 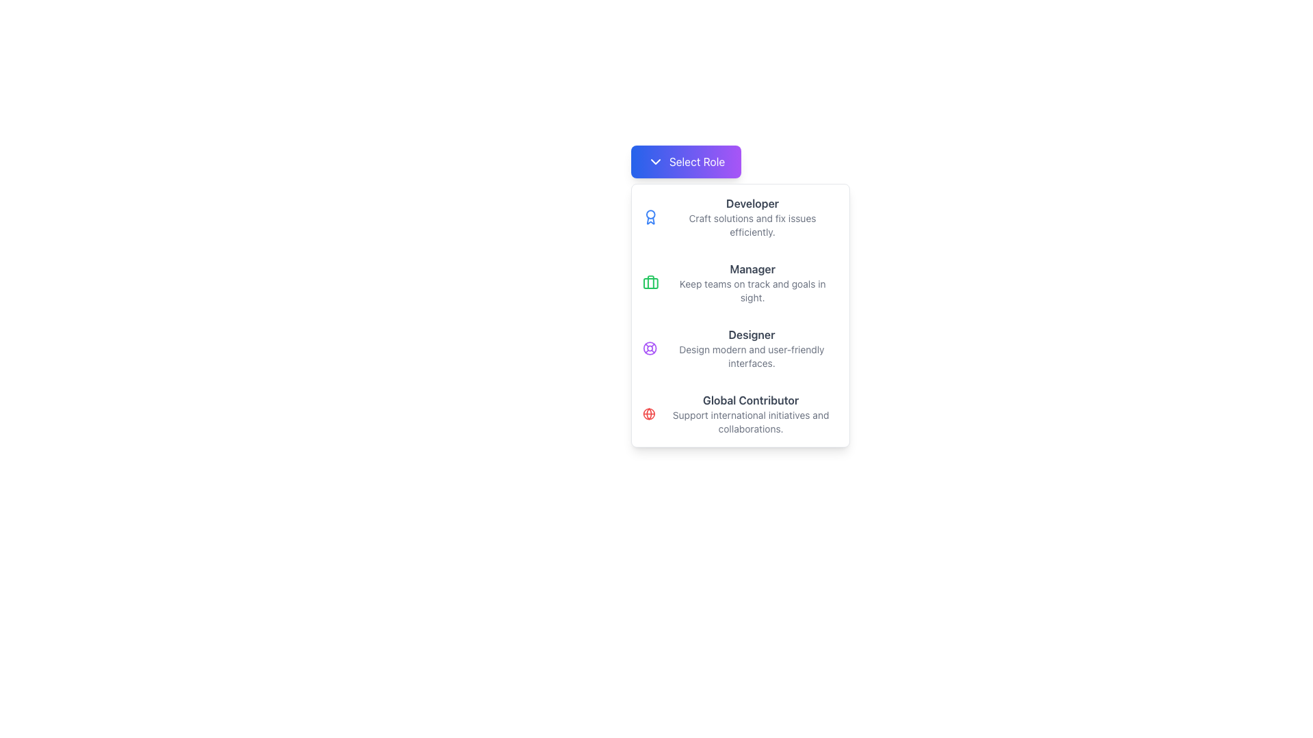 What do you see at coordinates (650, 215) in the screenshot?
I see `the circular SVG icon associated with the 'Developer' list item, which has a blue theme and is positioned to the left of the list text` at bounding box center [650, 215].